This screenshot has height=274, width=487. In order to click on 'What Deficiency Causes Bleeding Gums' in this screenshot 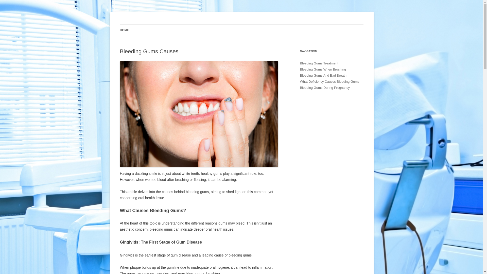, I will do `click(329, 81)`.